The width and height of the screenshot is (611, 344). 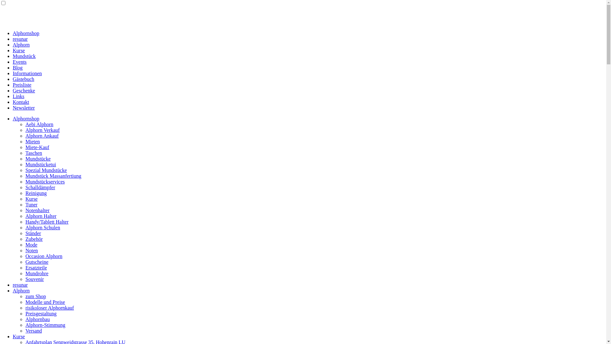 I want to click on 'Preisgestaltung', so click(x=41, y=313).